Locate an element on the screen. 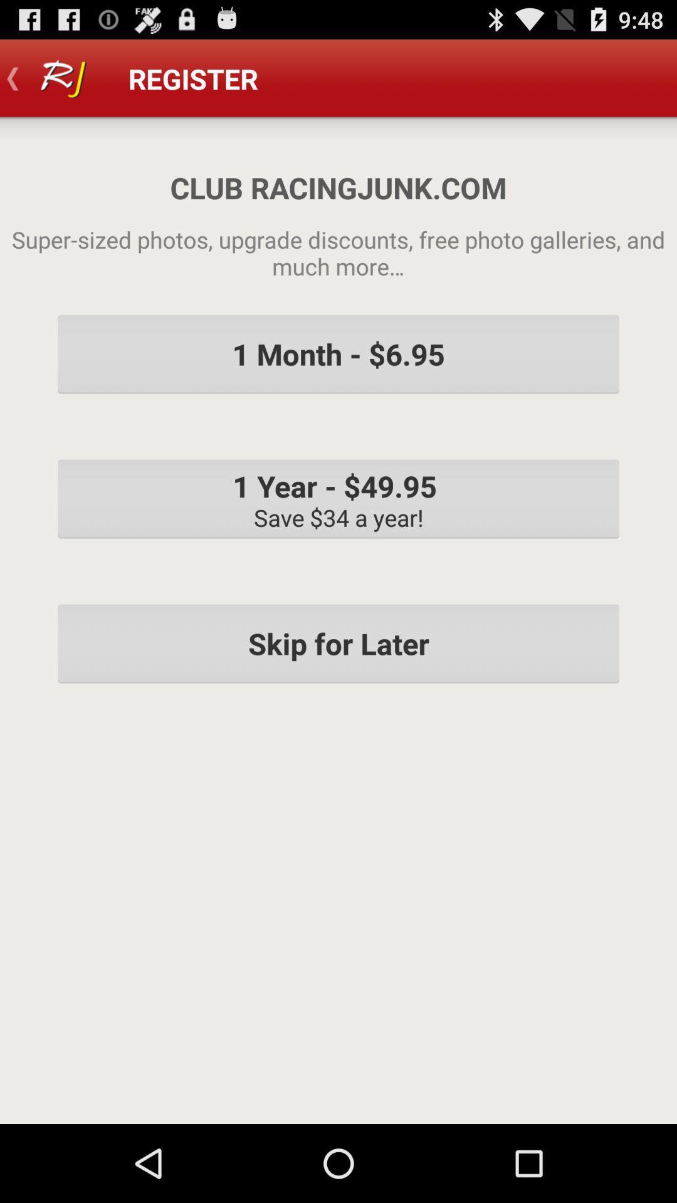 The height and width of the screenshot is (1203, 677). the 1 year 49 icon is located at coordinates (338, 498).